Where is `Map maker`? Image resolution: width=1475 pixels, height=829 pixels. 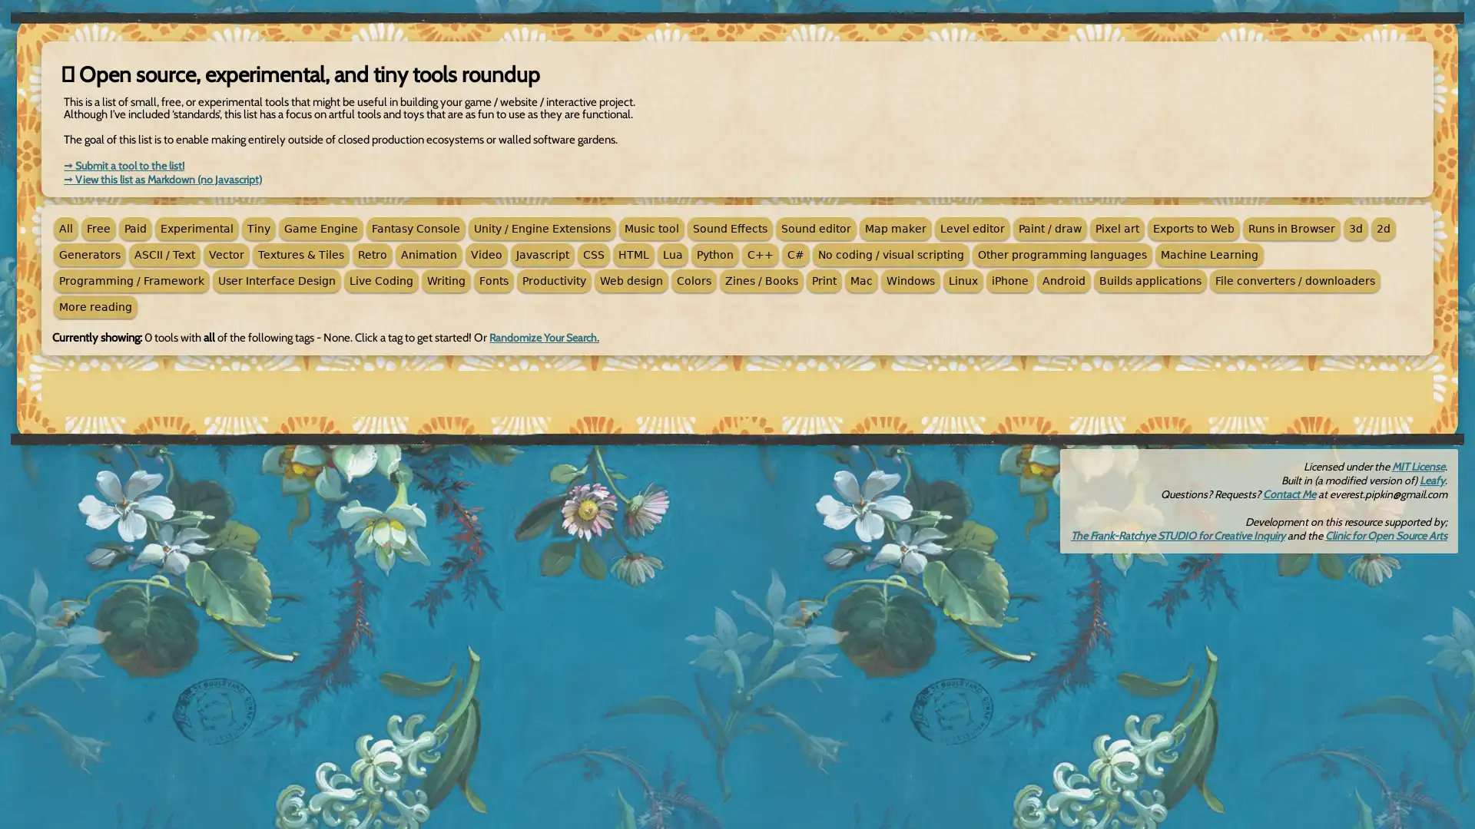 Map maker is located at coordinates (896, 228).